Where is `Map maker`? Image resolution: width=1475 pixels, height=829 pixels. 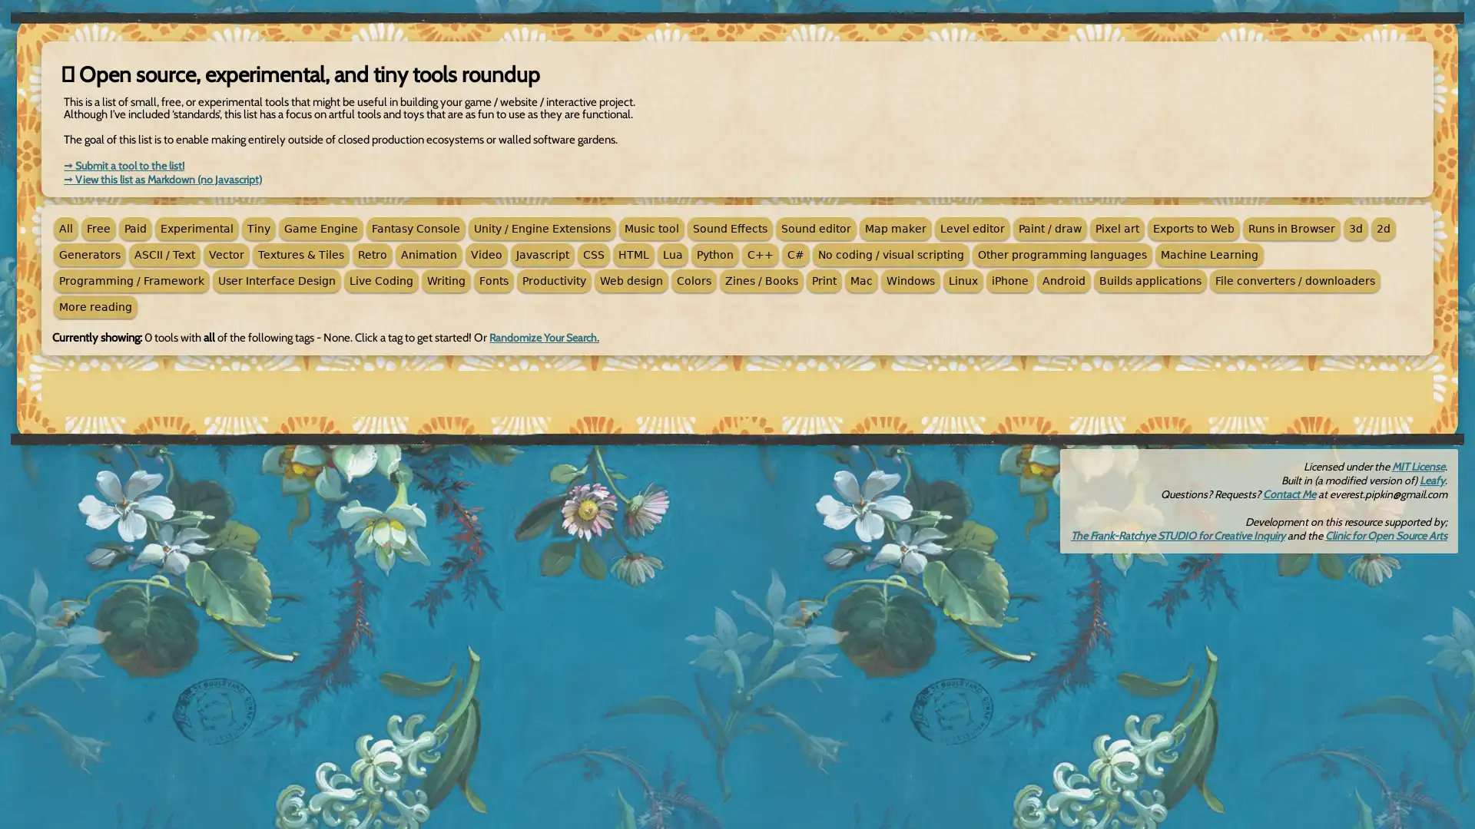 Map maker is located at coordinates (896, 228).